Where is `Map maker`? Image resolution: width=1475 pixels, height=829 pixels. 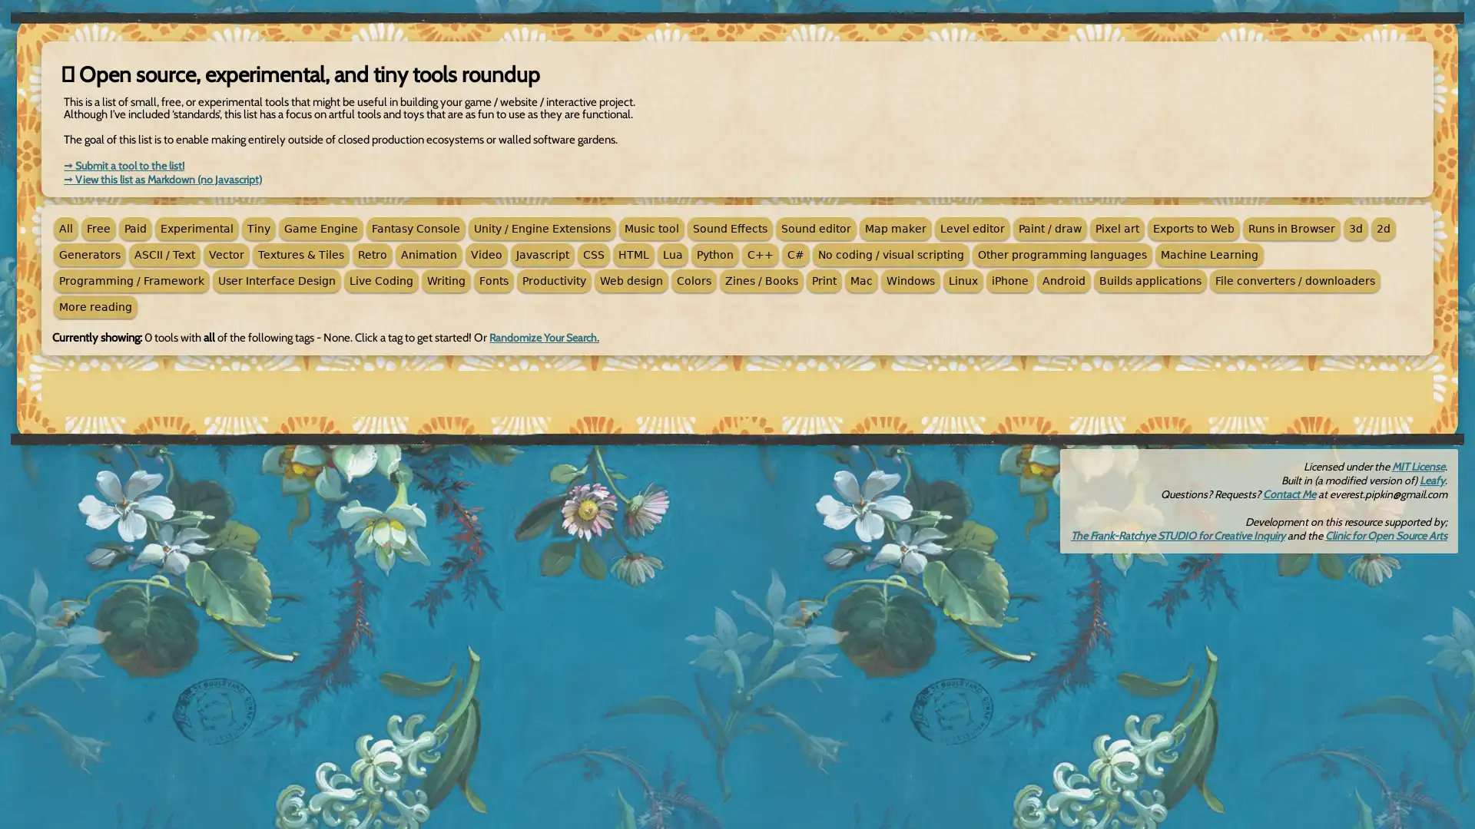 Map maker is located at coordinates (896, 228).